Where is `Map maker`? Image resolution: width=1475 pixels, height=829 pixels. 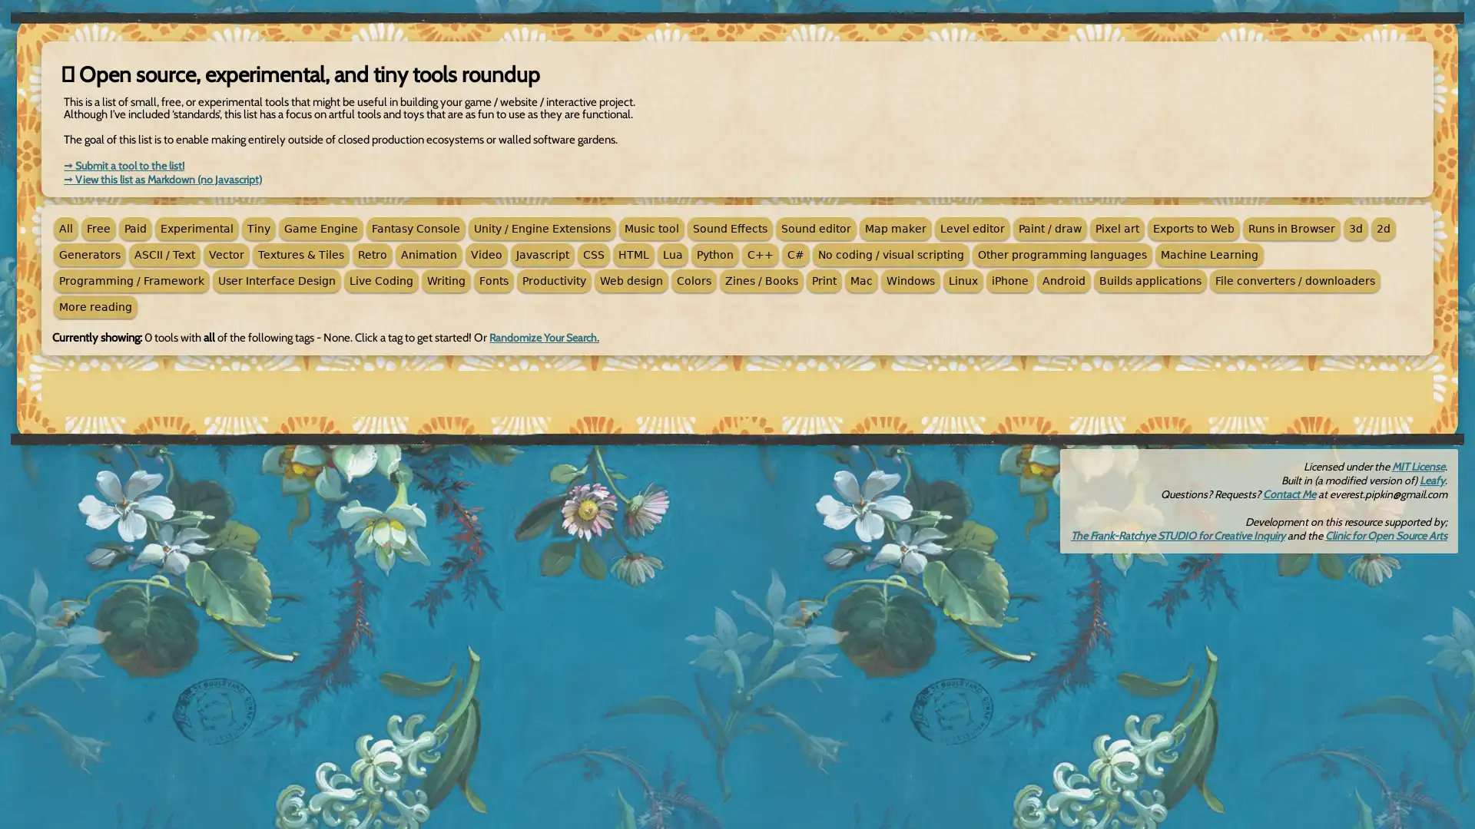 Map maker is located at coordinates (896, 228).